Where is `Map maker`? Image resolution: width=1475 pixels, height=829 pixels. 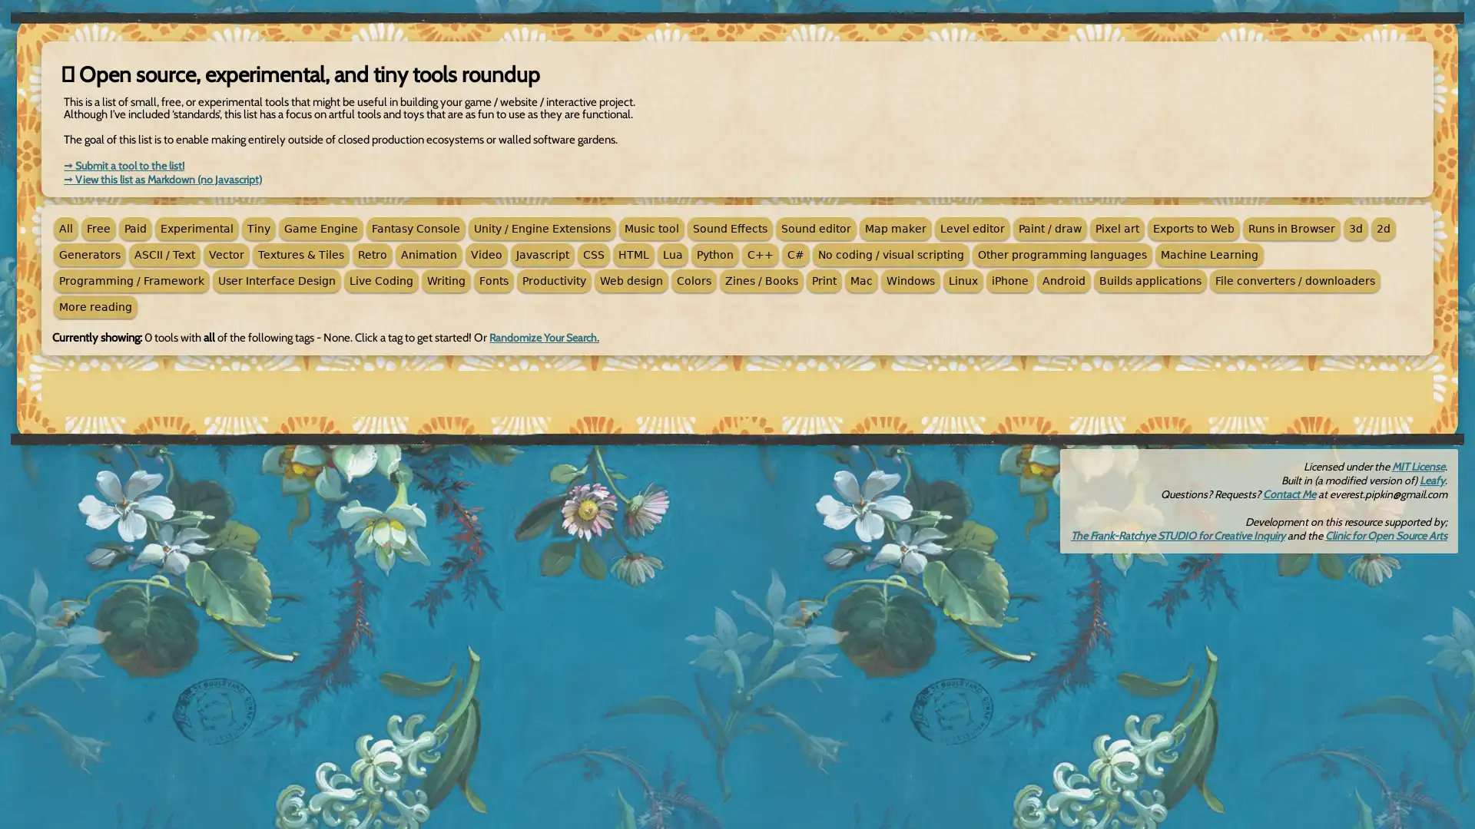 Map maker is located at coordinates (896, 228).